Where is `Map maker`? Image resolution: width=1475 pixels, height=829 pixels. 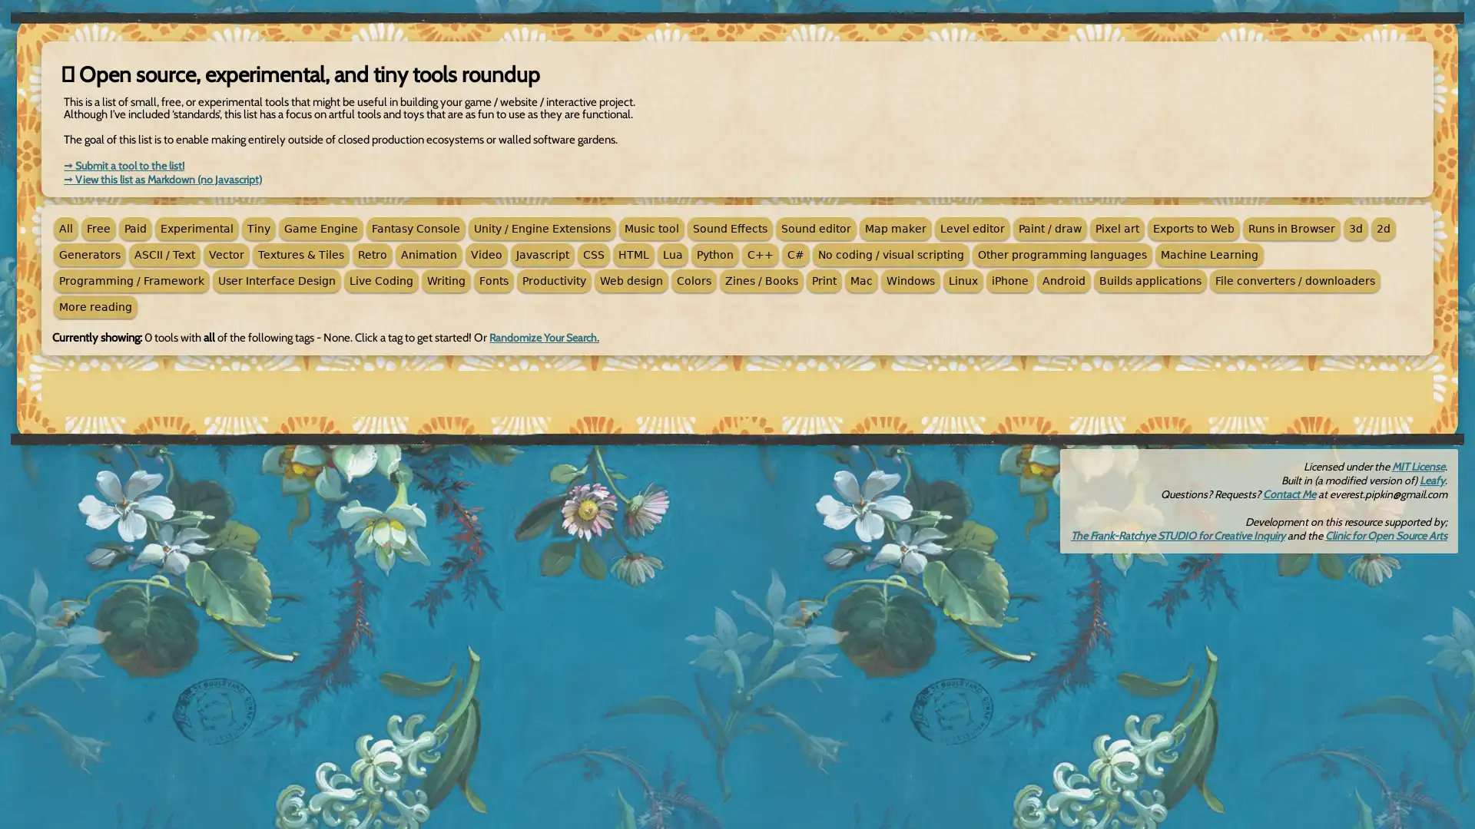 Map maker is located at coordinates (896, 228).